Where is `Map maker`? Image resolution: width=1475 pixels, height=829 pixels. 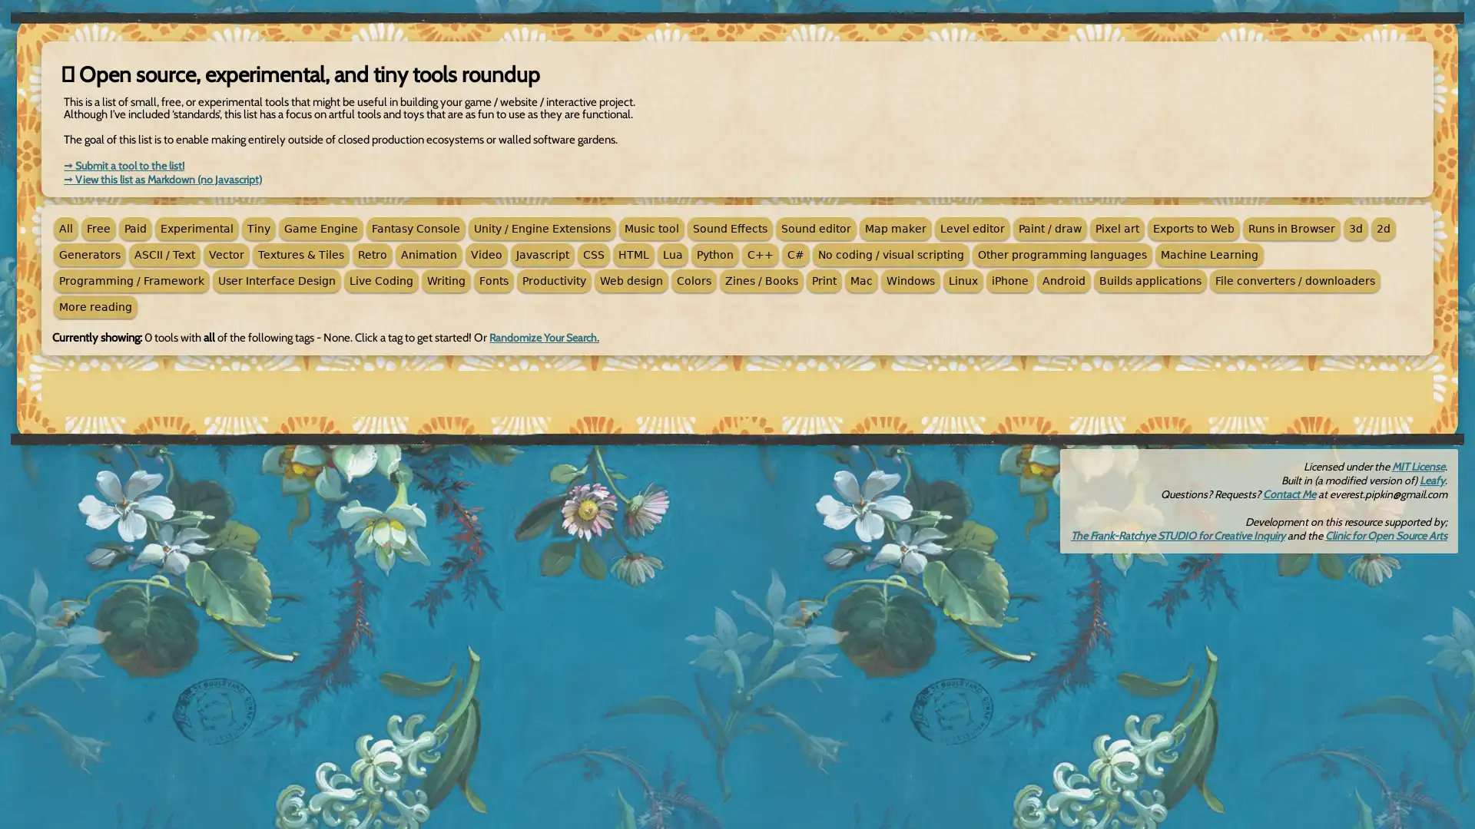 Map maker is located at coordinates (896, 228).